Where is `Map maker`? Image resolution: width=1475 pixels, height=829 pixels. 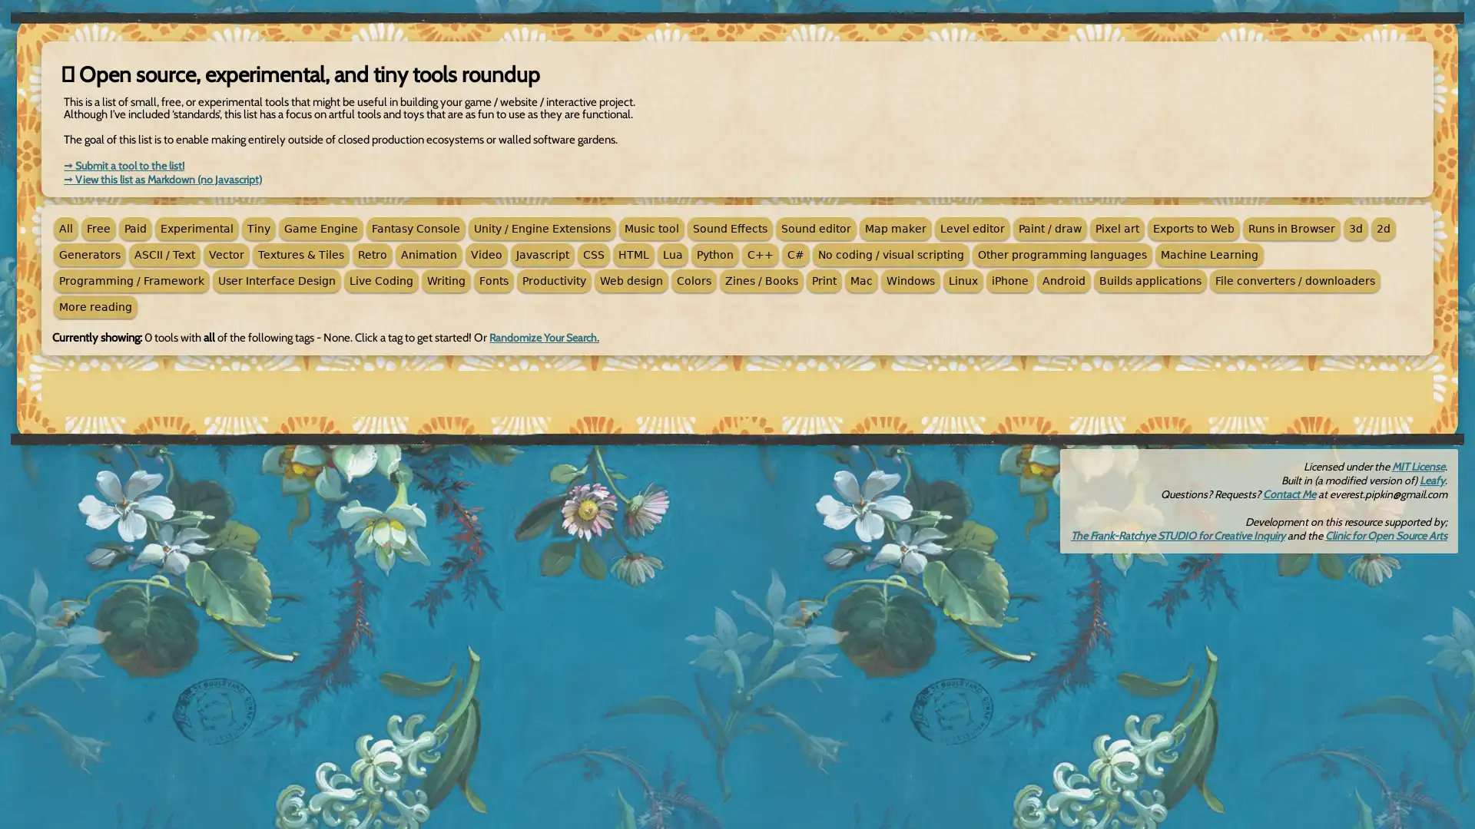 Map maker is located at coordinates (896, 228).